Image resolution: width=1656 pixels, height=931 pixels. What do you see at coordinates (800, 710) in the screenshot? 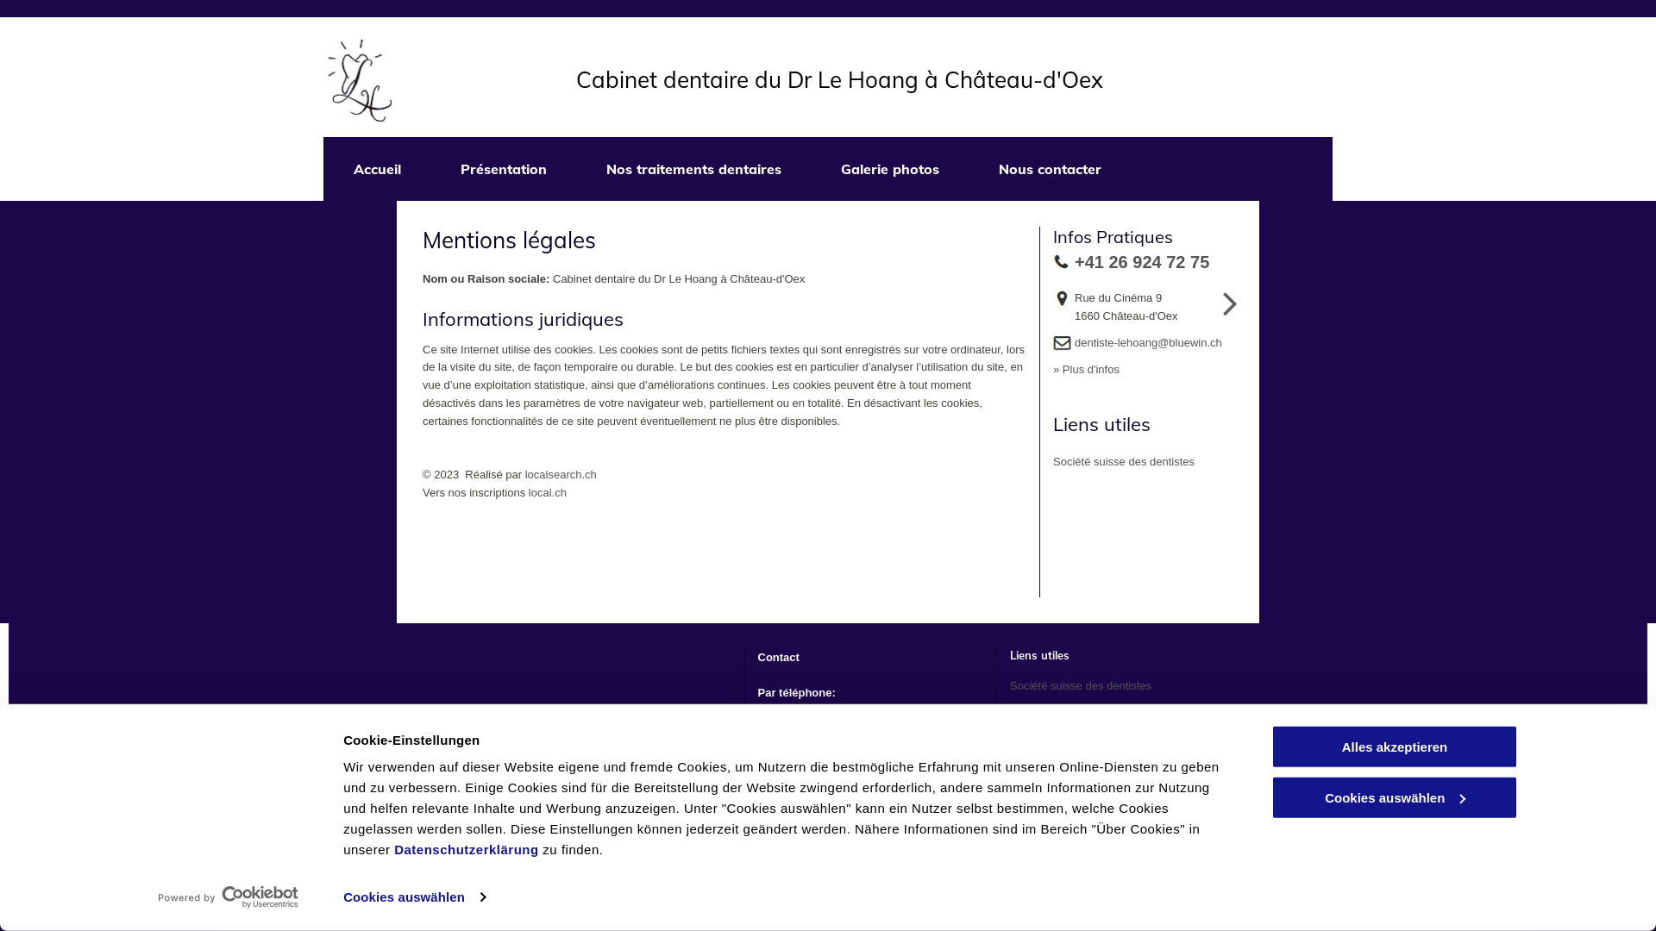
I see `'+41 26 924 72 75'` at bounding box center [800, 710].